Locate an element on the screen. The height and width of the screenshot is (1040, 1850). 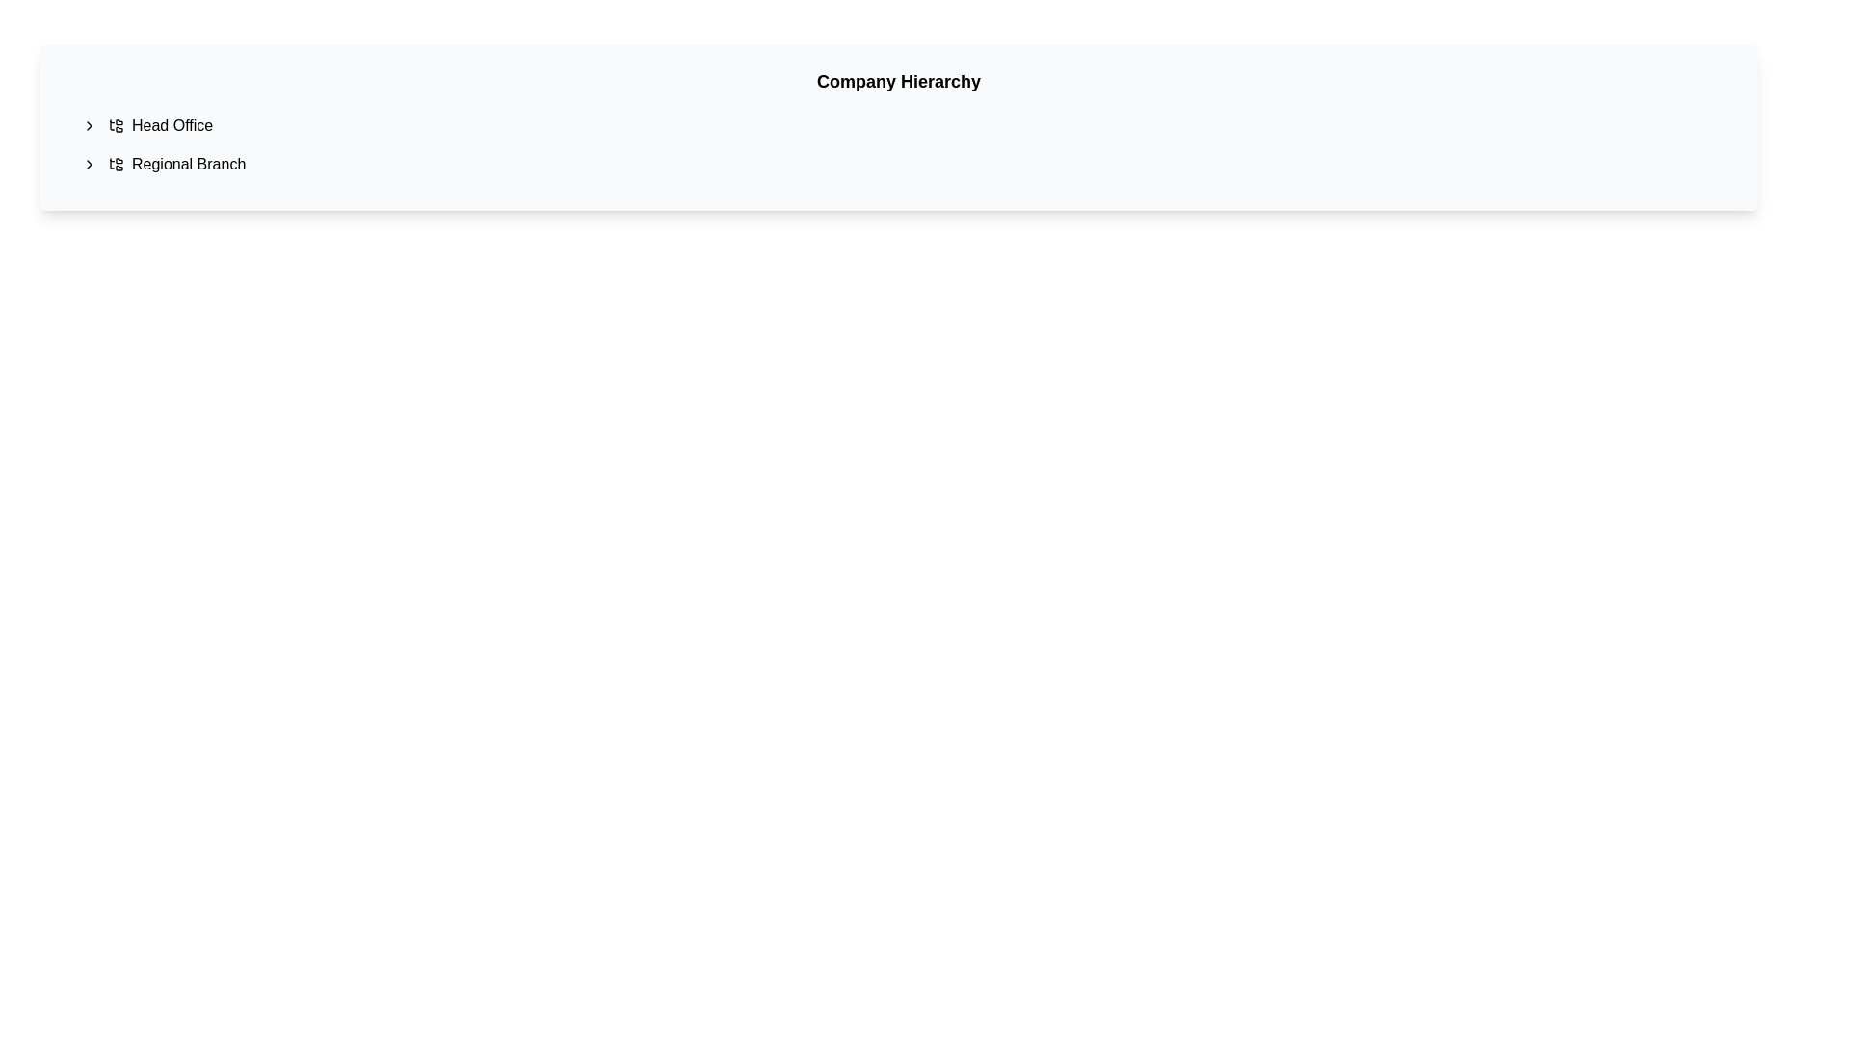
the chevron icon button located to the left of the 'Regional Branch' text label in the hierarchical list is located at coordinates (88, 126).